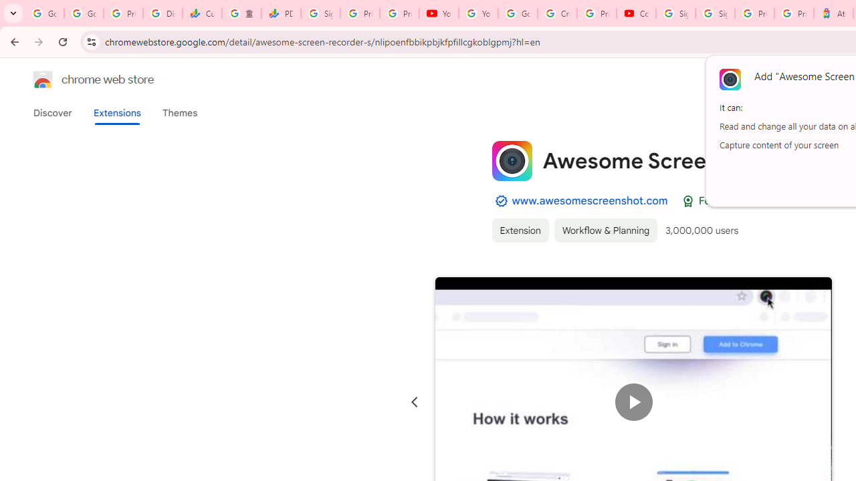  Describe the element at coordinates (517, 13) in the screenshot. I see `'Google Account Help'` at that location.